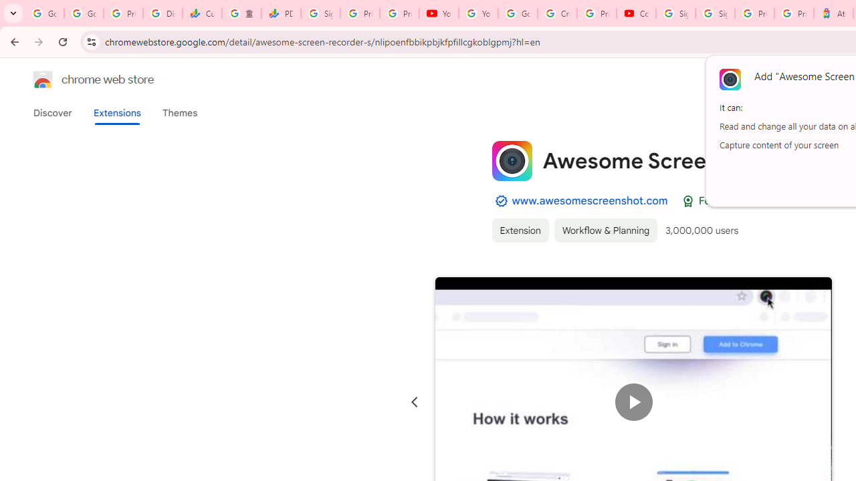  Describe the element at coordinates (517, 13) in the screenshot. I see `'Google Account Help'` at that location.